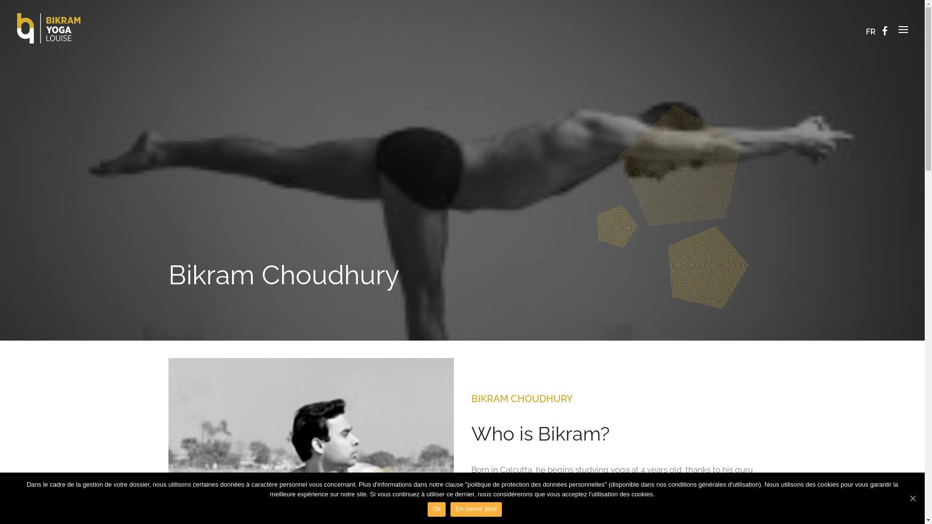 The image size is (932, 524). Describe the element at coordinates (871, 31) in the screenshot. I see `'FR'` at that location.